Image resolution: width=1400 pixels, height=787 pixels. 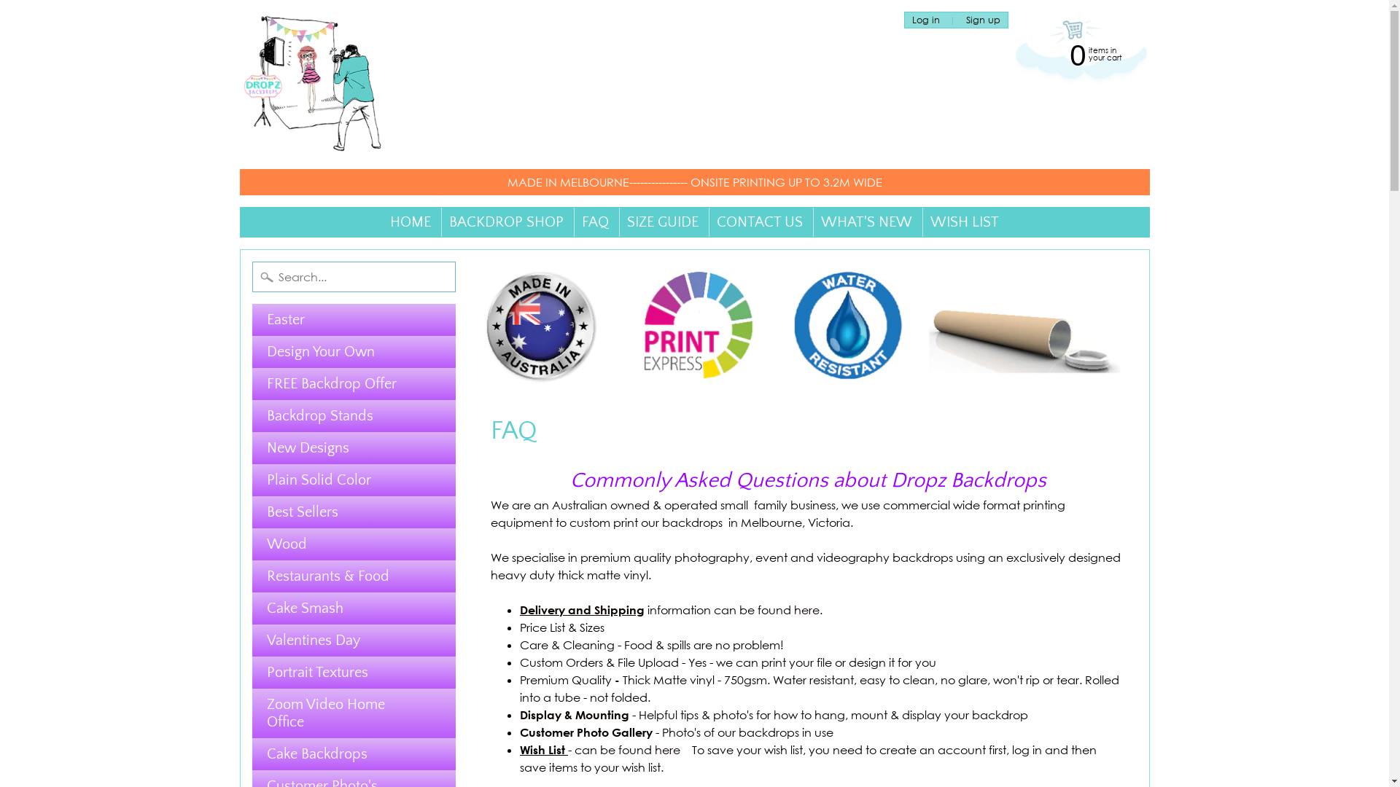 What do you see at coordinates (354, 480) in the screenshot?
I see `'Plain Solid Color'` at bounding box center [354, 480].